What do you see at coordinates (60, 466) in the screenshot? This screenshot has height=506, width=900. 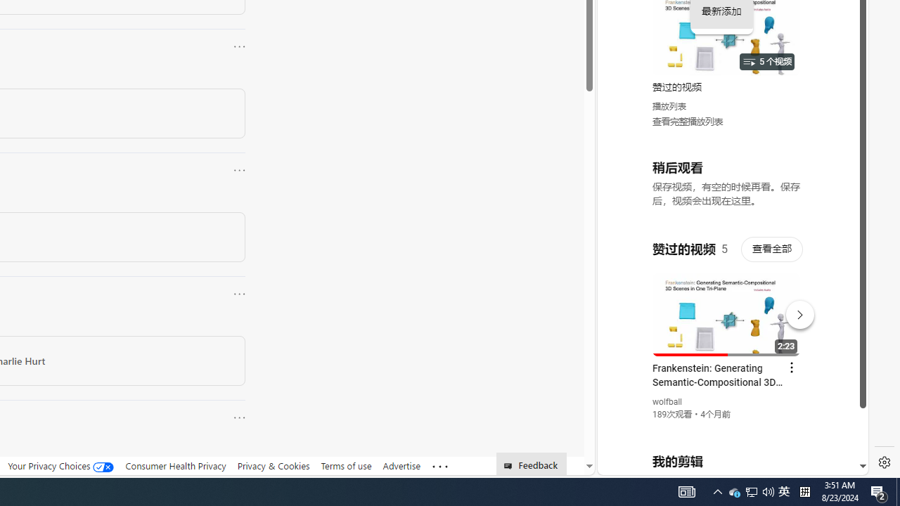 I see `'Your Privacy Choices'` at bounding box center [60, 466].